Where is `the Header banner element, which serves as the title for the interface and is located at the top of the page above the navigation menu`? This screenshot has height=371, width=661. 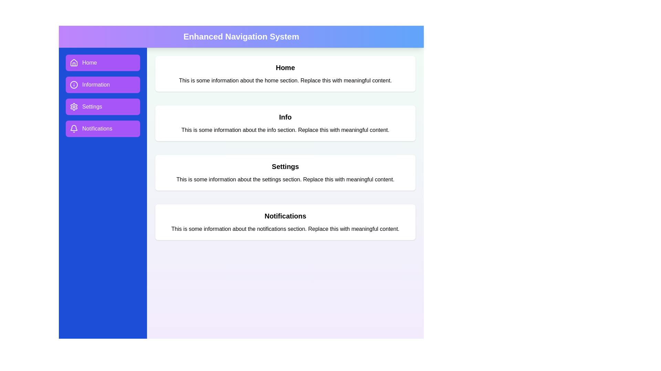
the Header banner element, which serves as the title for the interface and is located at the top of the page above the navigation menu is located at coordinates (241, 37).